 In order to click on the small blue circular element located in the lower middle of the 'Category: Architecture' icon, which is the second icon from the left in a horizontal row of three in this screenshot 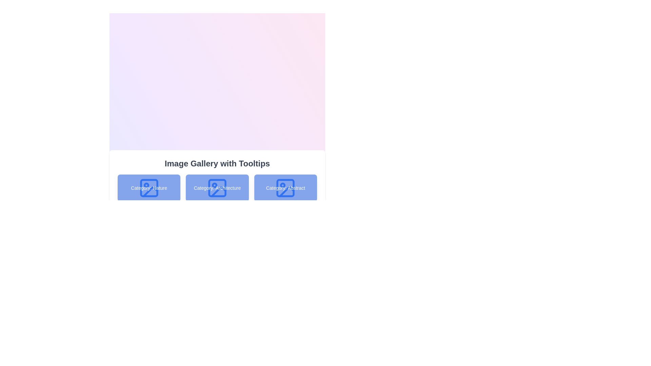, I will do `click(214, 185)`.